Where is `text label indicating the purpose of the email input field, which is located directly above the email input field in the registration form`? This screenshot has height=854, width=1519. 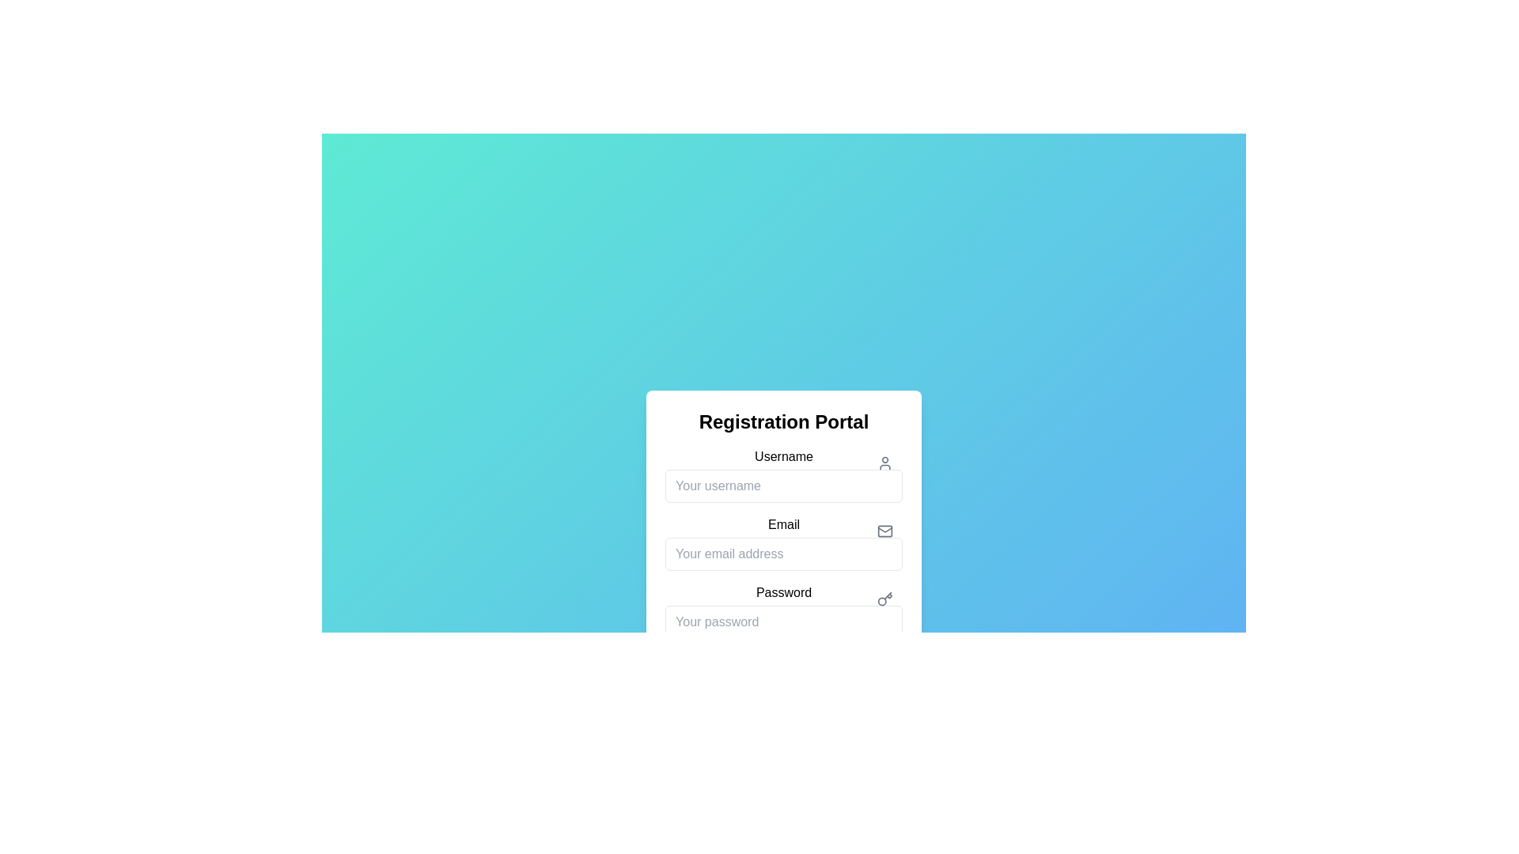
text label indicating the purpose of the email input field, which is located directly above the email input field in the registration form is located at coordinates (783, 524).